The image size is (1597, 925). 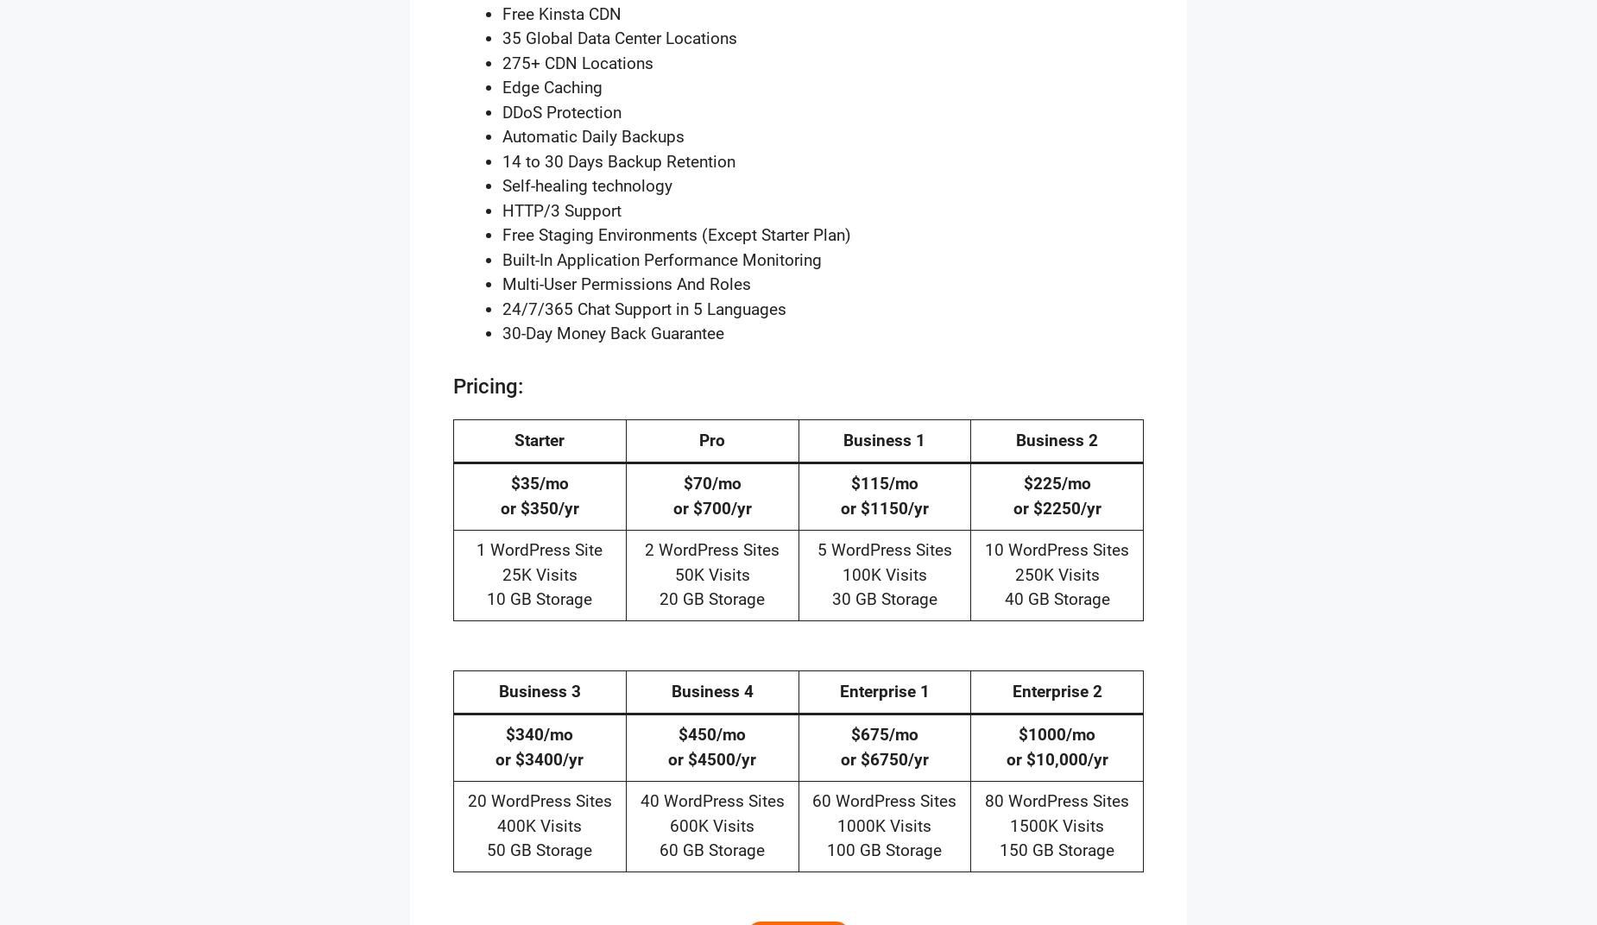 What do you see at coordinates (644, 308) in the screenshot?
I see `'24/7/365 Chat Support in 5 Languages'` at bounding box center [644, 308].